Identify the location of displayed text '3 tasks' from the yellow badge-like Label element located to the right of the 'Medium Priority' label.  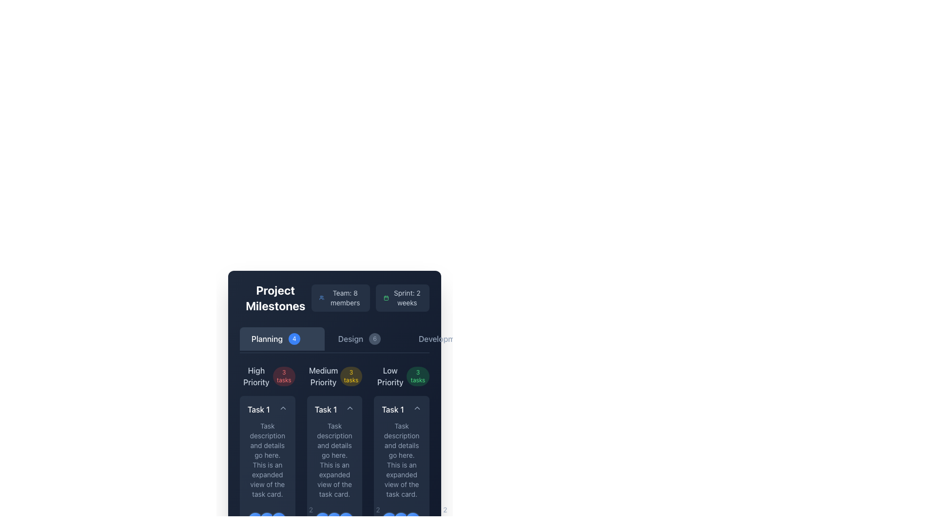
(351, 376).